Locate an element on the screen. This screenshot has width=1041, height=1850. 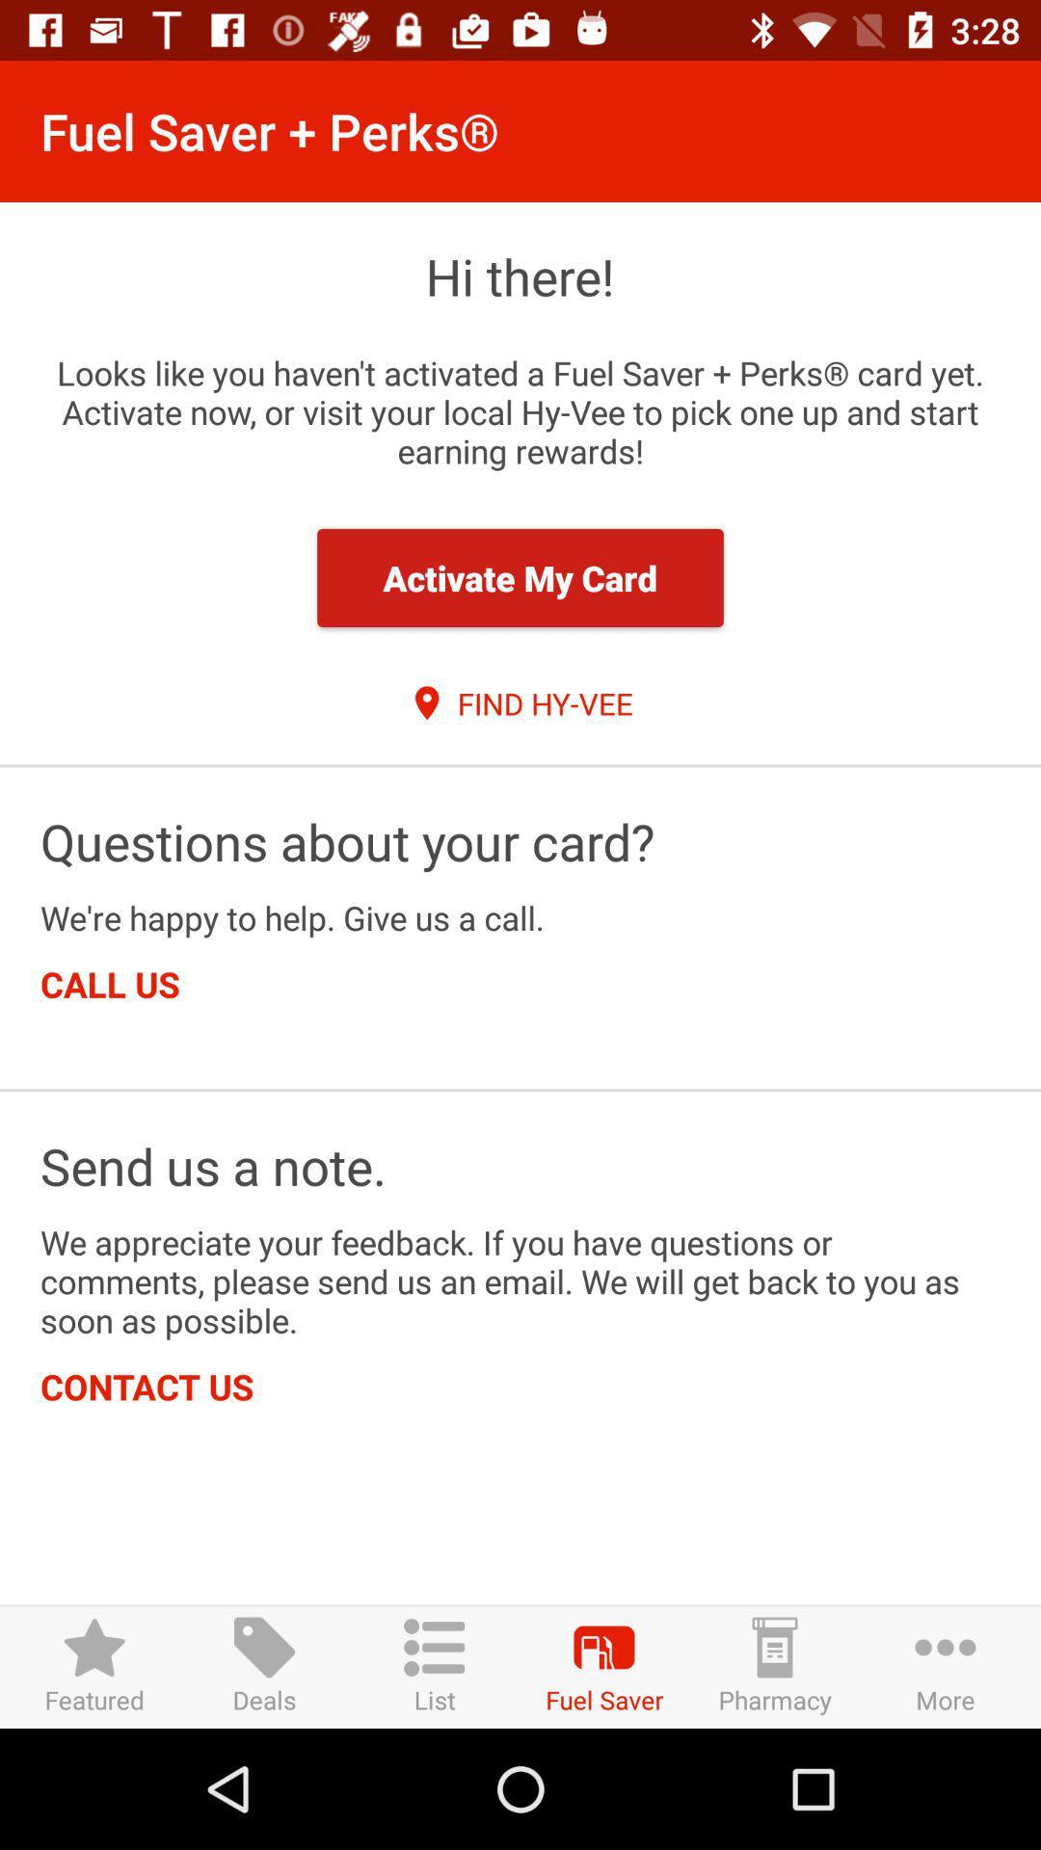
the icon next to fuel saver item is located at coordinates (773, 1666).